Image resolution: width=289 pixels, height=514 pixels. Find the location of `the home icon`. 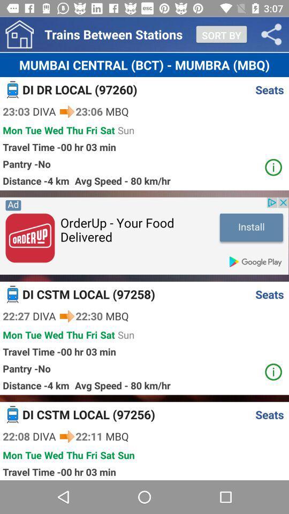

the home icon is located at coordinates (19, 34).